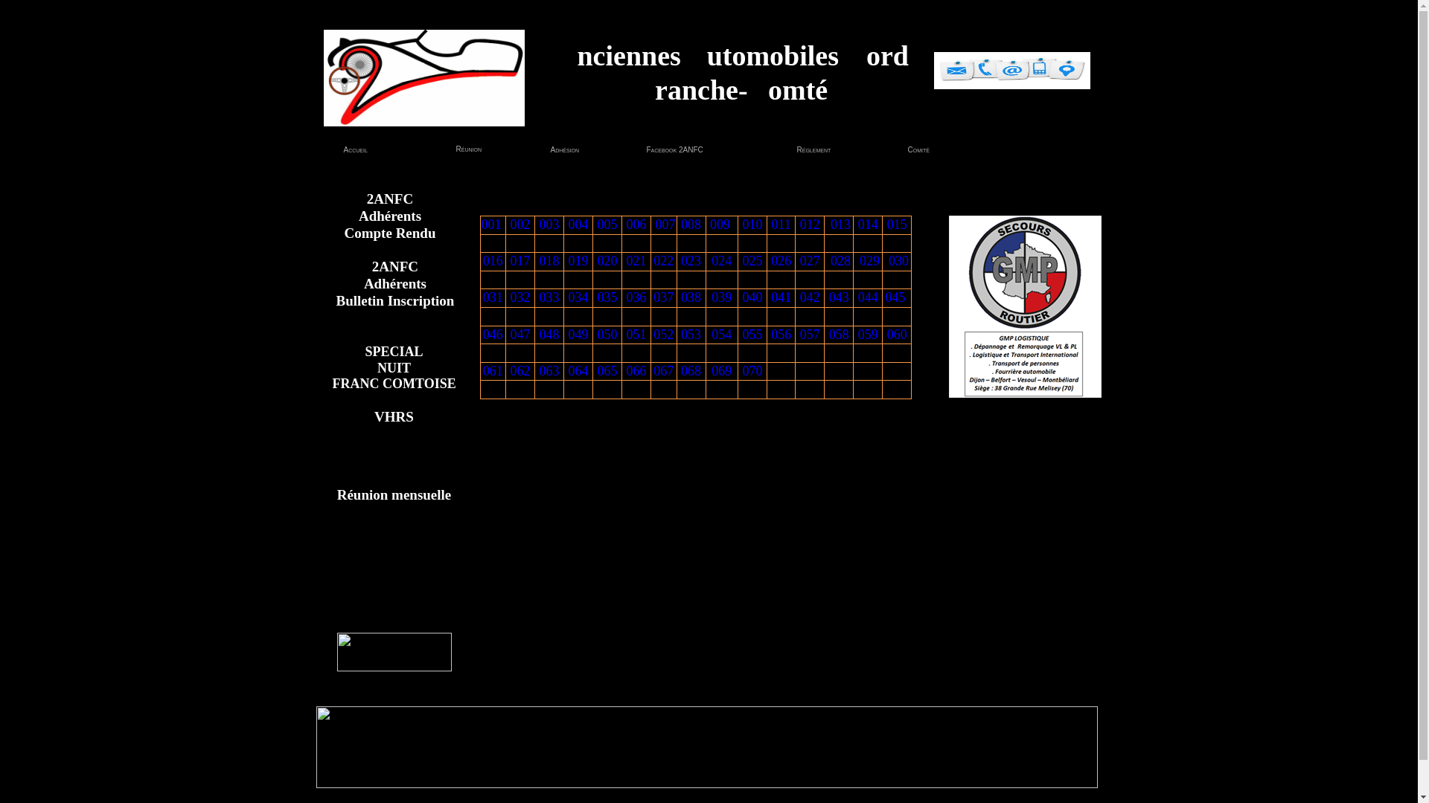  Describe the element at coordinates (868, 260) in the screenshot. I see `' 029'` at that location.